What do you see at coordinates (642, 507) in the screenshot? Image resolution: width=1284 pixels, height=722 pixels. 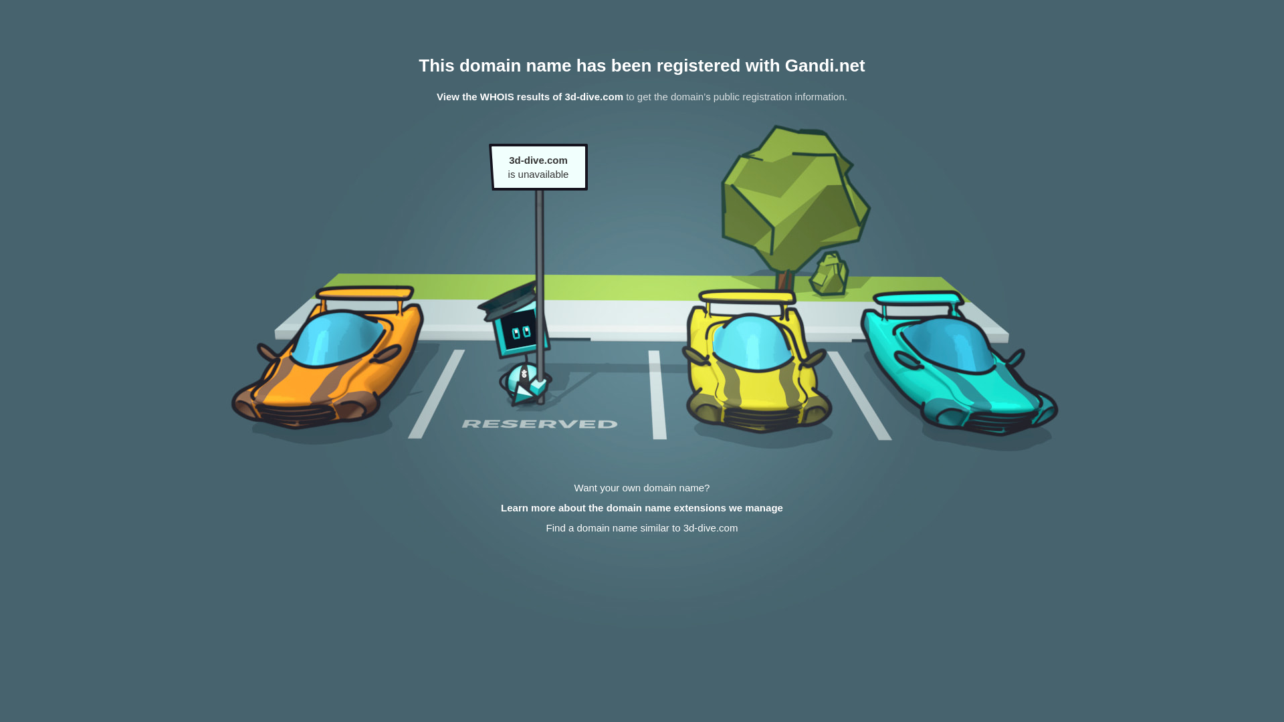 I see `'Learn more about the domain name extensions we manage'` at bounding box center [642, 507].